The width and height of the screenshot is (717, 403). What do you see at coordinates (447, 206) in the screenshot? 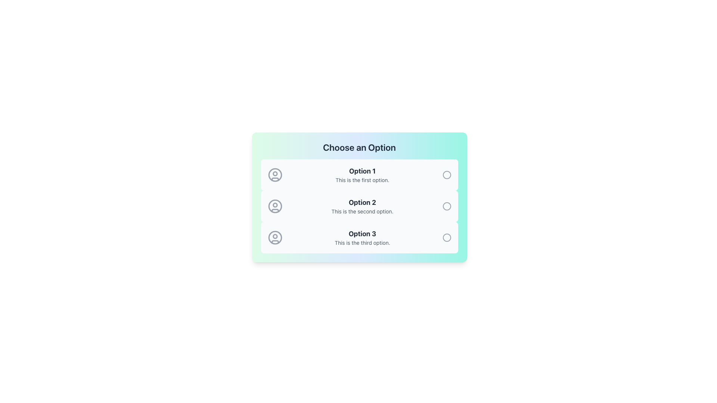
I see `the circular gray icon that appears as the central circle in the second position of a vertical list of three similar icons, located to the right of the 'Option 2' text` at bounding box center [447, 206].